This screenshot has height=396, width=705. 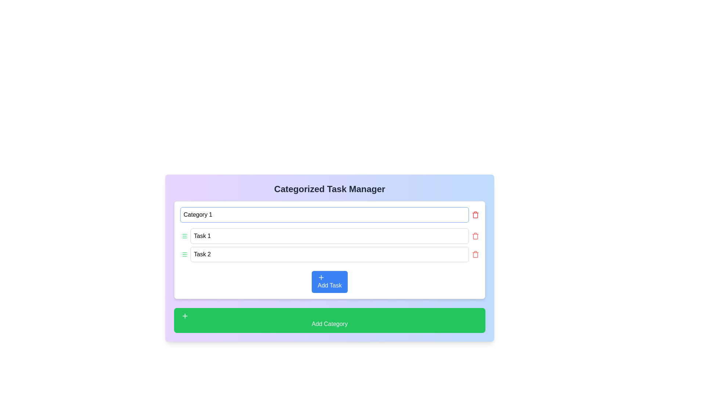 I want to click on the green 'Add Category' button with rounded corners that displays the text 'Add Category' in white, located below the blue 'Add Task' button, so click(x=329, y=320).